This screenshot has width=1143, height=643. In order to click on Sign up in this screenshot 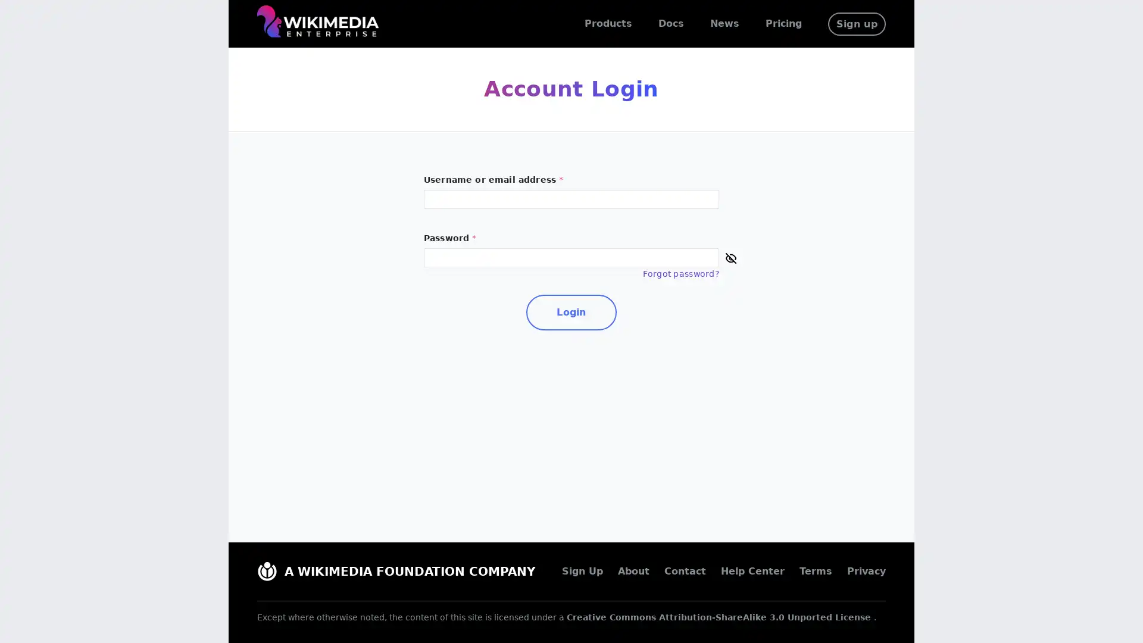, I will do `click(856, 23)`.